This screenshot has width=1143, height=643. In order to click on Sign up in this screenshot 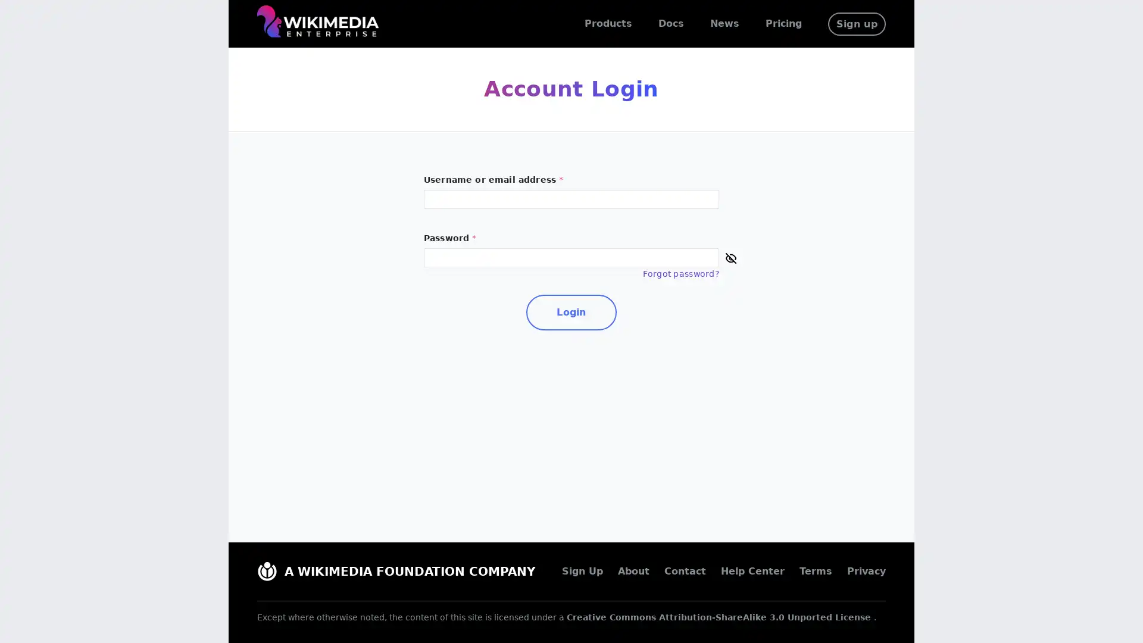, I will do `click(856, 23)`.